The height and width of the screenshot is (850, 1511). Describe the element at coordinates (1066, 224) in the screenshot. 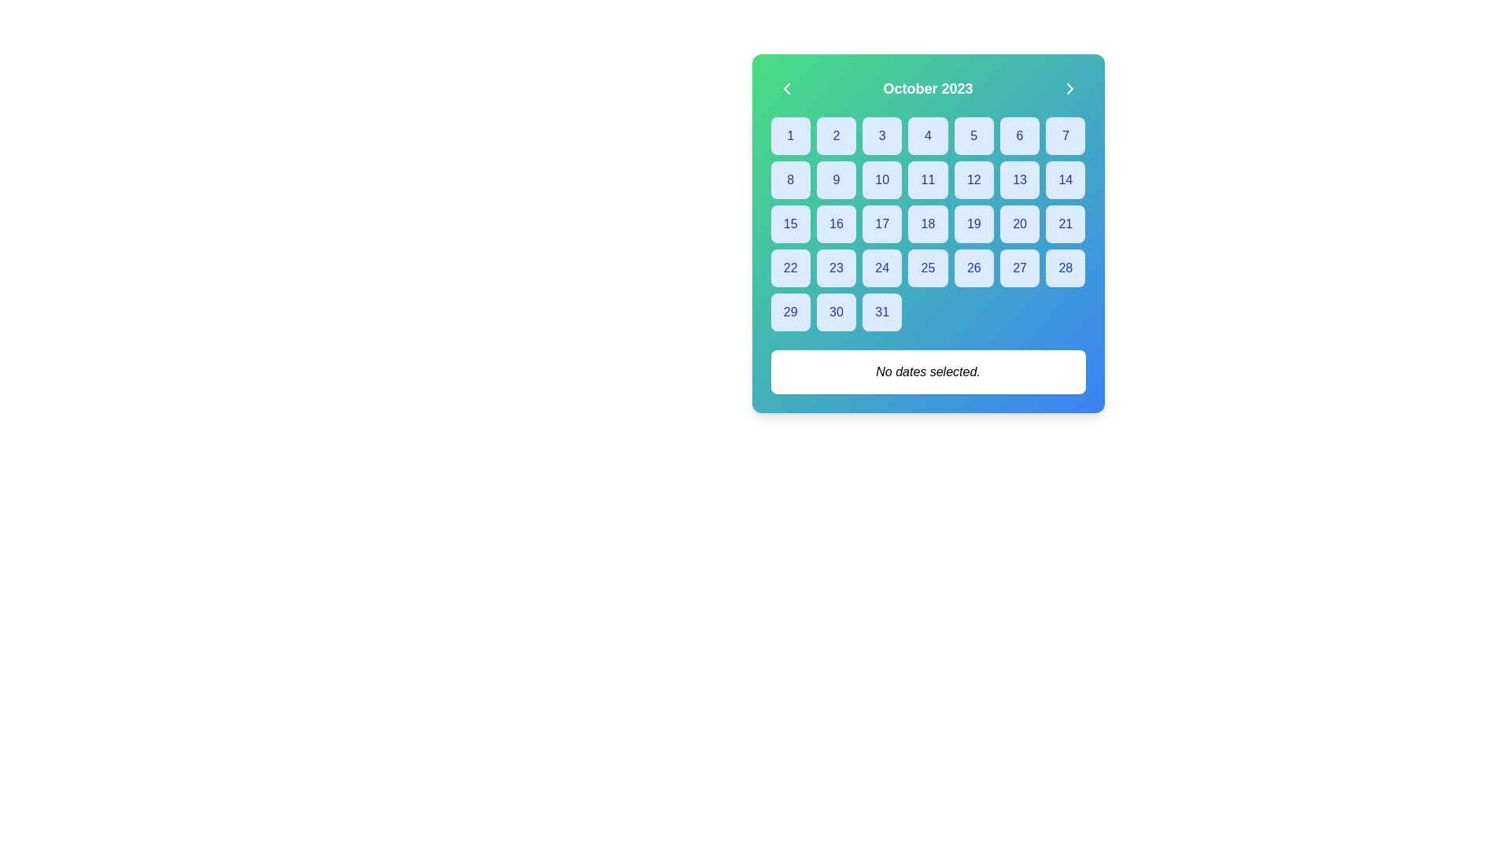

I see `the Calendar date button representing October 21, 2023` at that location.